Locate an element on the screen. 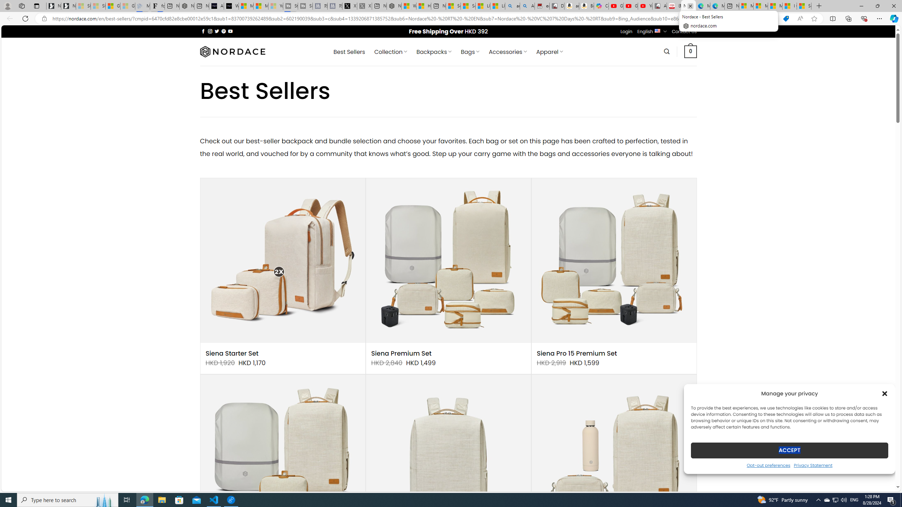  'Follow on Pinterest' is located at coordinates (223, 31).